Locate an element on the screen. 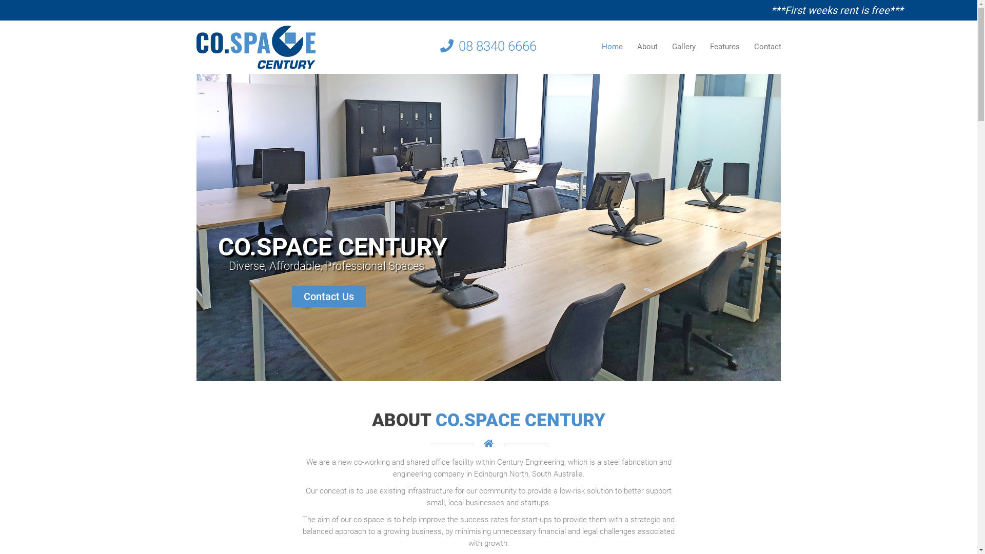 The width and height of the screenshot is (985, 554). 'Contact' is located at coordinates (764, 47).